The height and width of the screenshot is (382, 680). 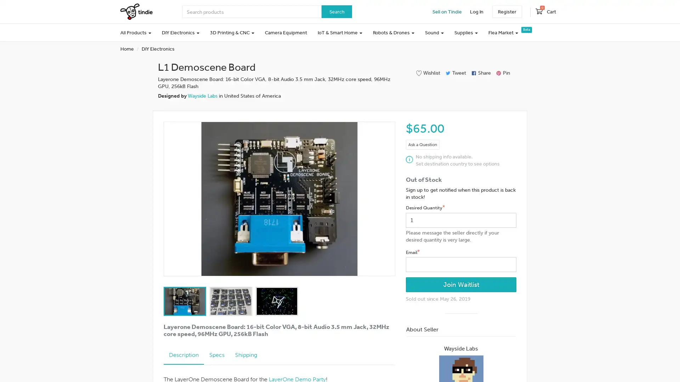 What do you see at coordinates (336, 12) in the screenshot?
I see `Search` at bounding box center [336, 12].